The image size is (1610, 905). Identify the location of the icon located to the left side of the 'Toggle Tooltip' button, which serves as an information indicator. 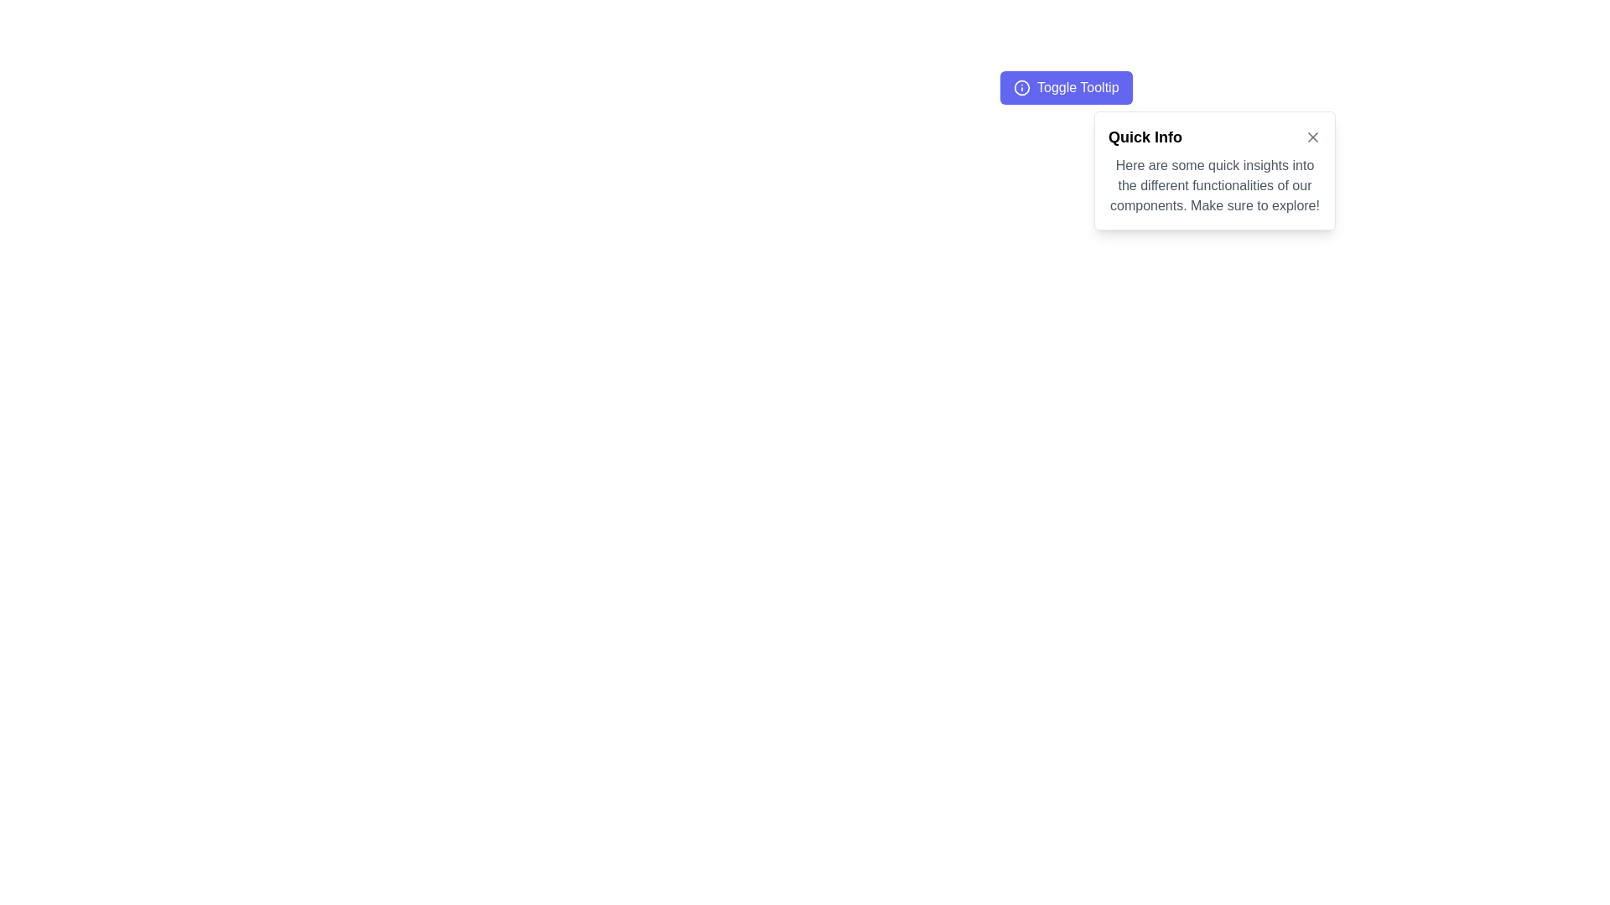
(1021, 87).